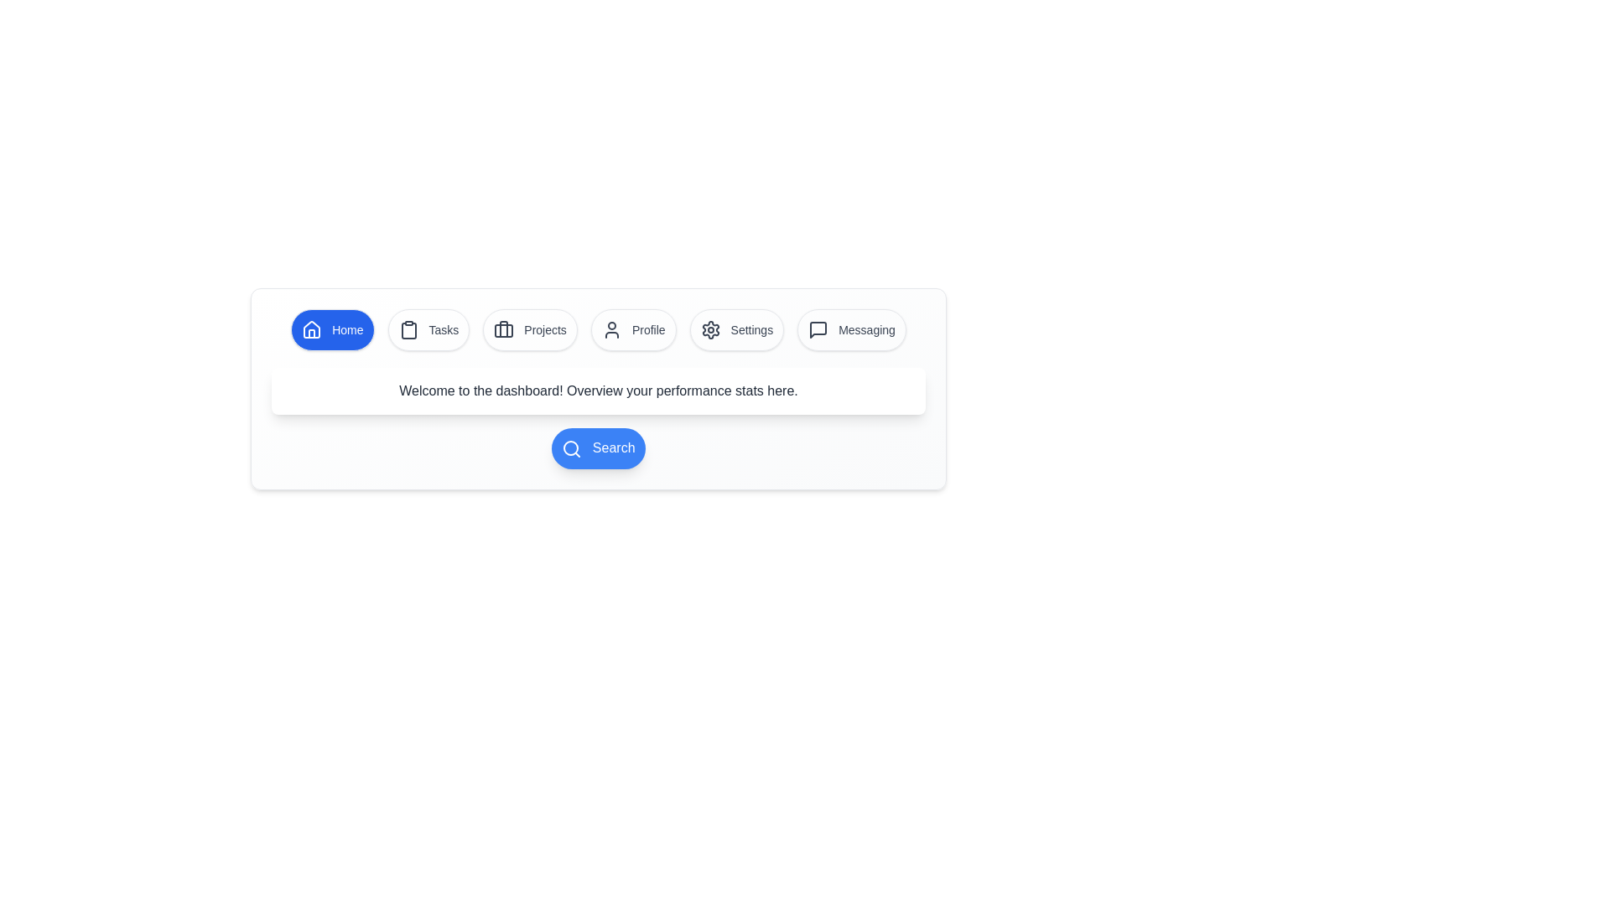  I want to click on text label that displays 'Tasks' located in the horizontal navigation bar near the top-center of the interface, so click(444, 329).